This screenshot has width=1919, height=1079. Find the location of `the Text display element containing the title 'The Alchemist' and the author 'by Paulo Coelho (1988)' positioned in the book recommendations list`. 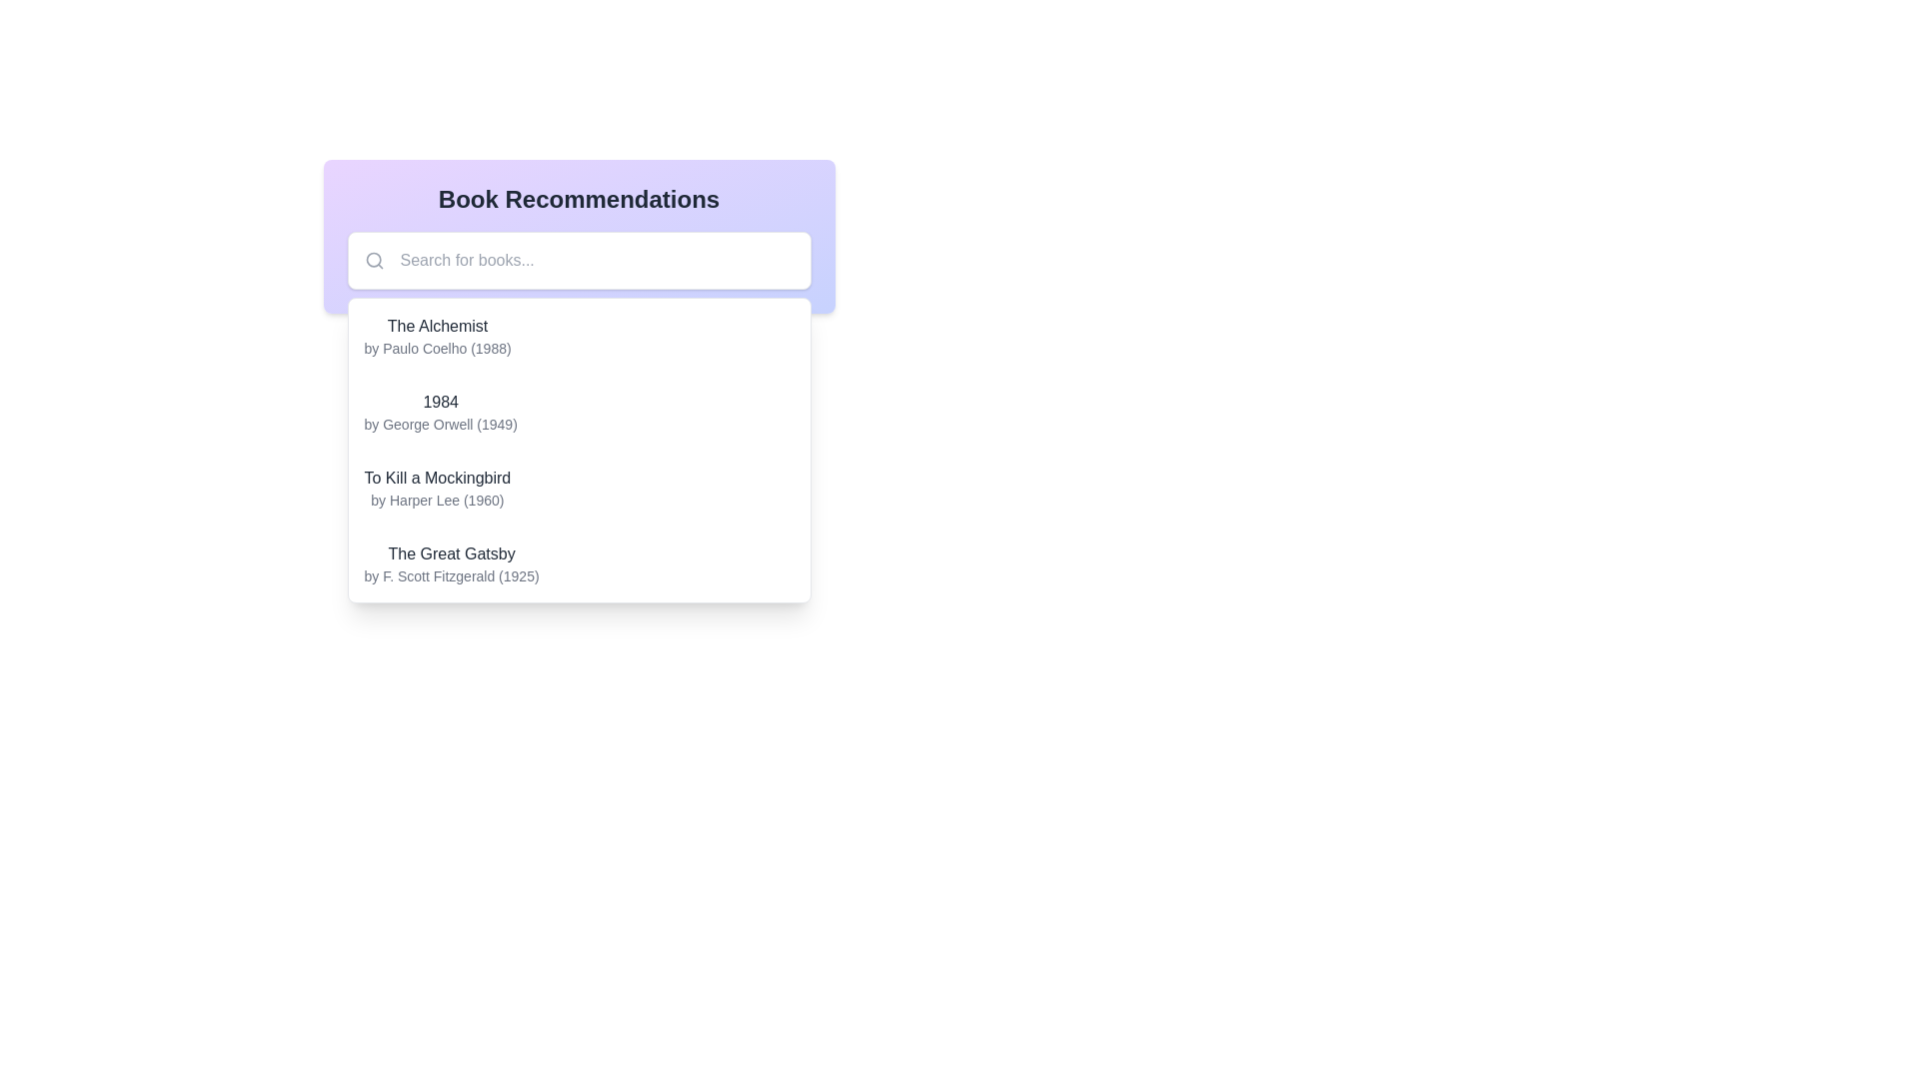

the Text display element containing the title 'The Alchemist' and the author 'by Paulo Coelho (1988)' positioned in the book recommendations list is located at coordinates (437, 335).